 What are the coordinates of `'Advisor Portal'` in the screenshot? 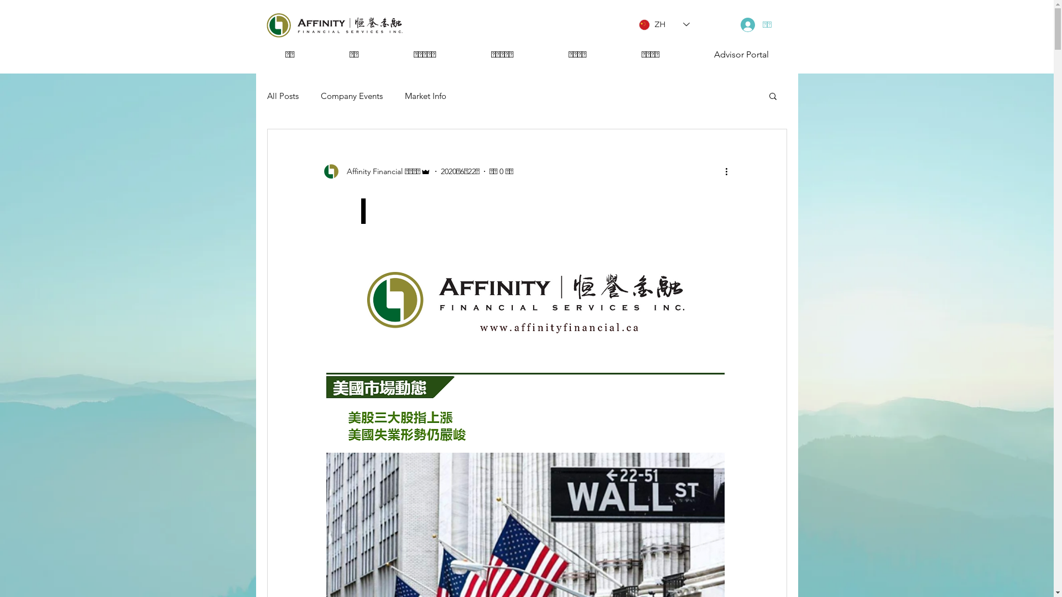 It's located at (686, 54).